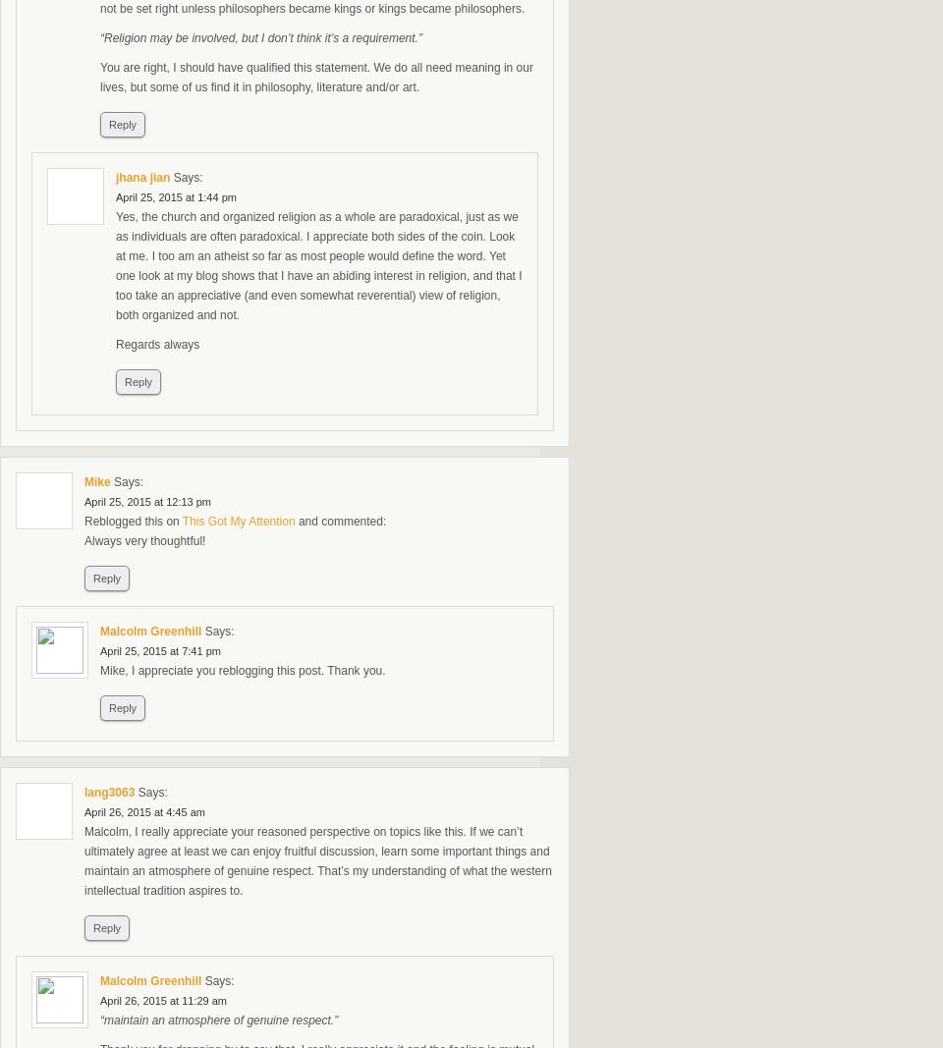  What do you see at coordinates (146, 500) in the screenshot?
I see `'April 25, 2015 at 12:13 pm'` at bounding box center [146, 500].